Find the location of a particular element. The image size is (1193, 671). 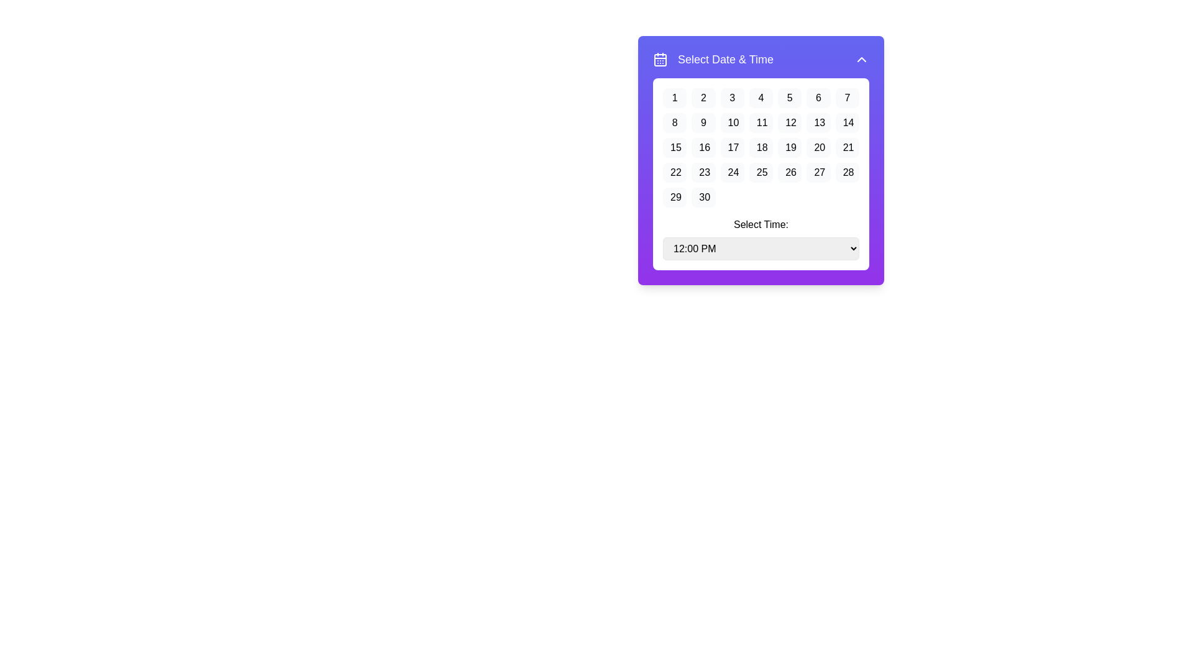

the fourth day button in the second row of the calendar interface is located at coordinates (760, 122).